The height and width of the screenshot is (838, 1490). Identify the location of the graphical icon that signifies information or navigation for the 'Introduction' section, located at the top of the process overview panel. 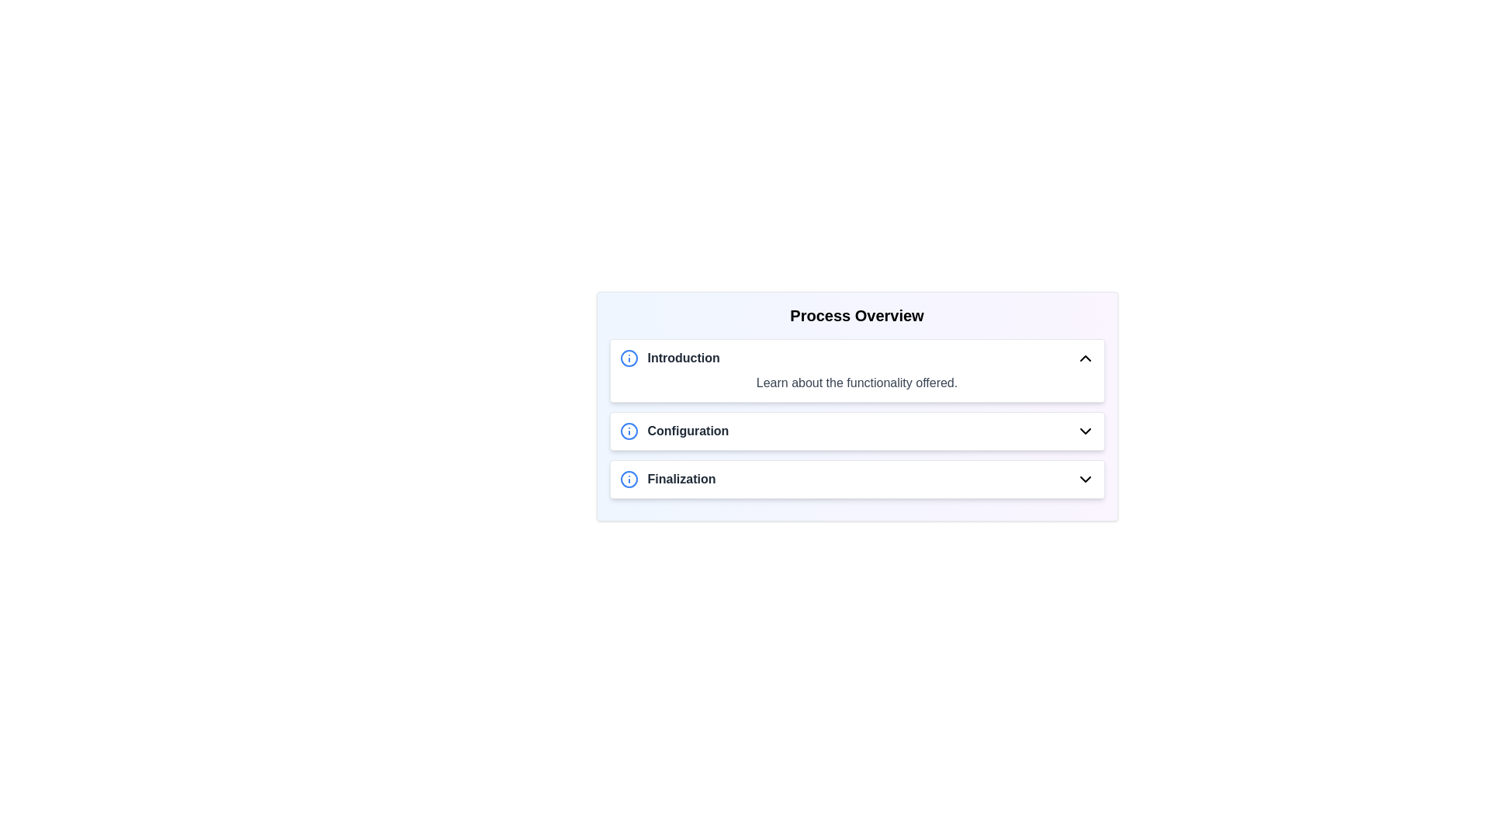
(629, 358).